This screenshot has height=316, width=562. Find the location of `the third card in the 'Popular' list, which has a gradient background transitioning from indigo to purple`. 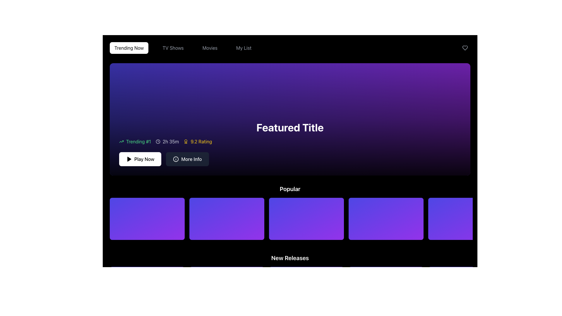

the third card in the 'Popular' list, which has a gradient background transitioning from indigo to purple is located at coordinates (306, 219).